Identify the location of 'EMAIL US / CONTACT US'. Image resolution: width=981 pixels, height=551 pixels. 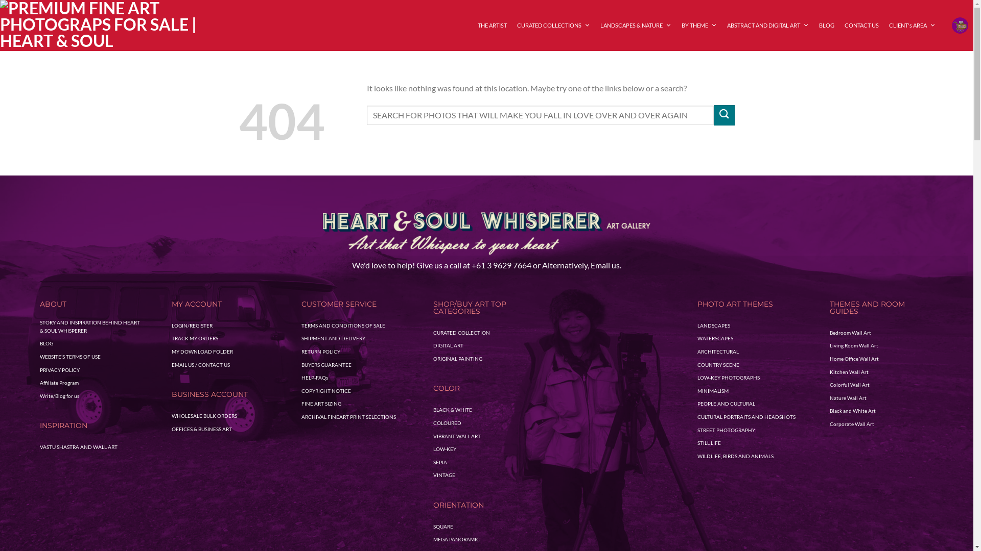
(201, 364).